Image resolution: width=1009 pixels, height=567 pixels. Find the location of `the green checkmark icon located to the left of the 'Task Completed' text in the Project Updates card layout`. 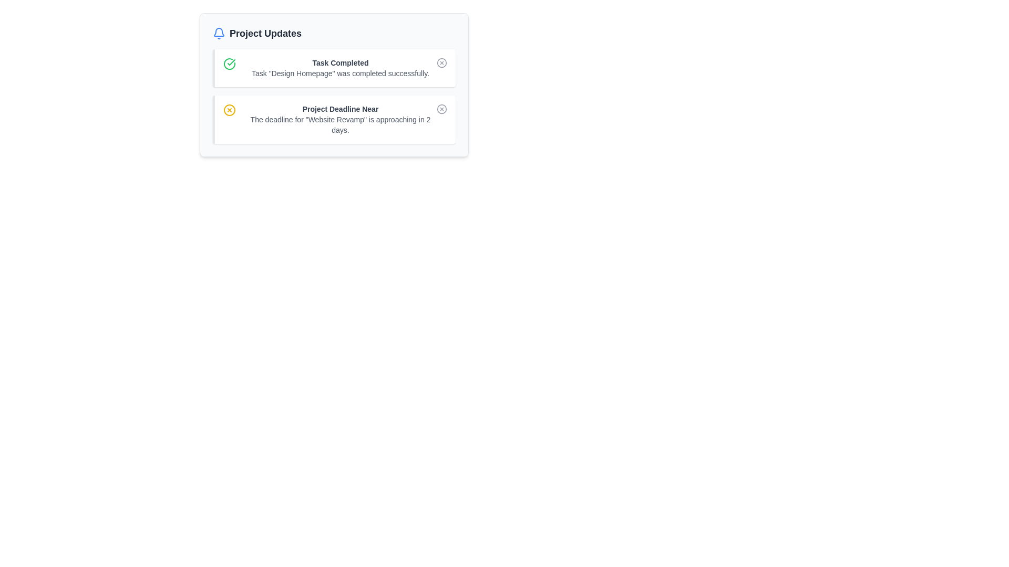

the green checkmark icon located to the left of the 'Task Completed' text in the Project Updates card layout is located at coordinates (231, 62).